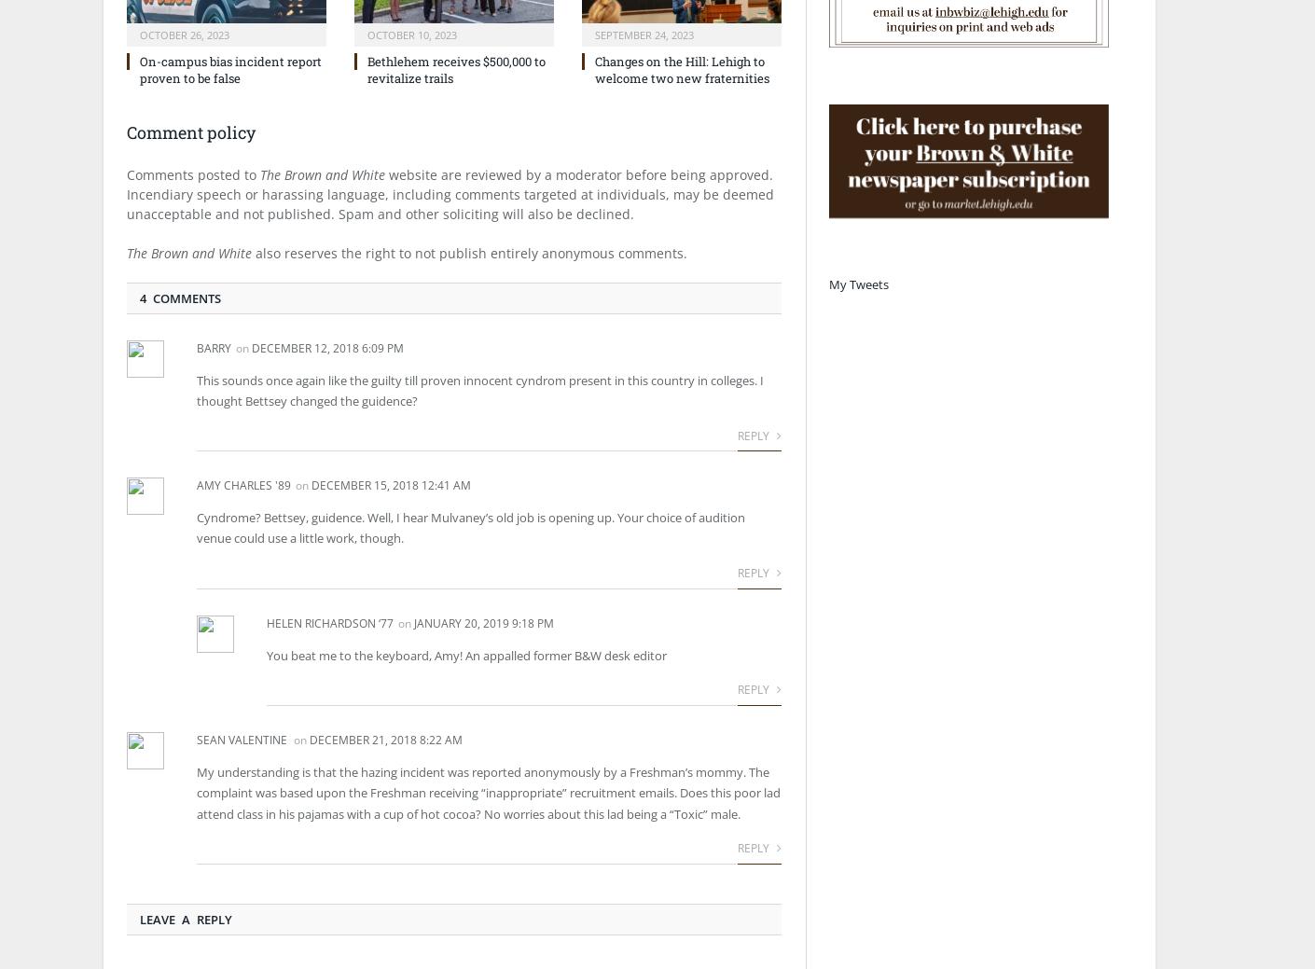  I want to click on 'September 24, 2023', so click(644, 34).